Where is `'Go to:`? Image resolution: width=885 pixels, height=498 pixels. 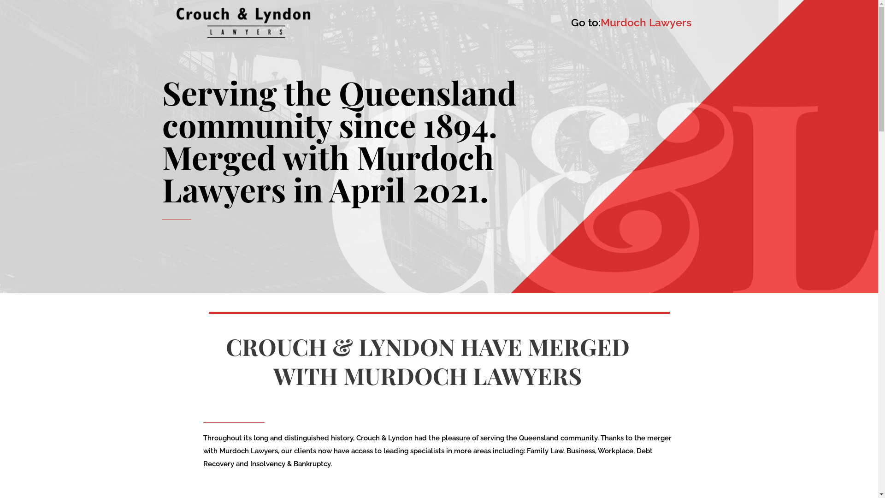 'Go to: is located at coordinates (630, 22).